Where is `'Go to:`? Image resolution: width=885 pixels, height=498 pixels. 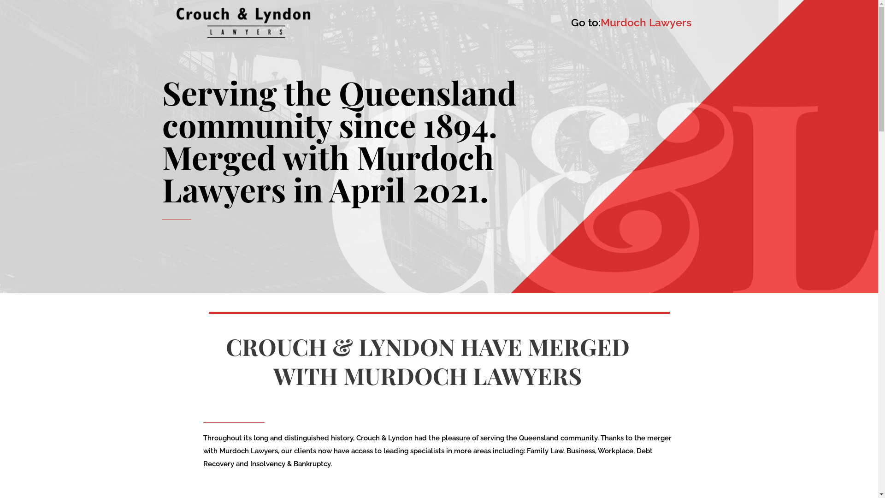 'Go to: is located at coordinates (630, 22).